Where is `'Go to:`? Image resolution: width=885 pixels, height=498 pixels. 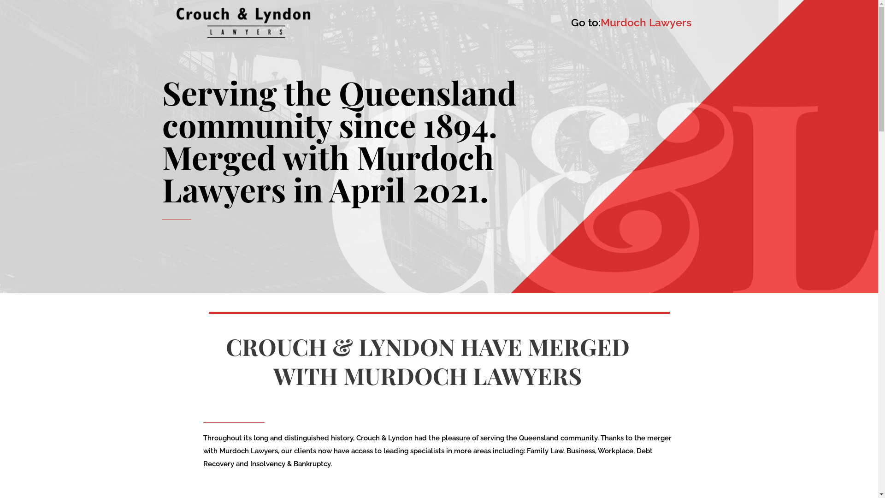 'Go to: is located at coordinates (630, 22).